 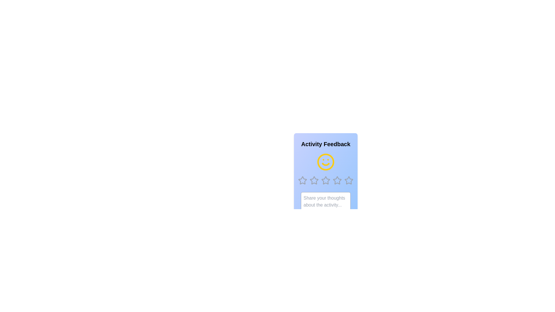 I want to click on the third star, so click(x=326, y=180).